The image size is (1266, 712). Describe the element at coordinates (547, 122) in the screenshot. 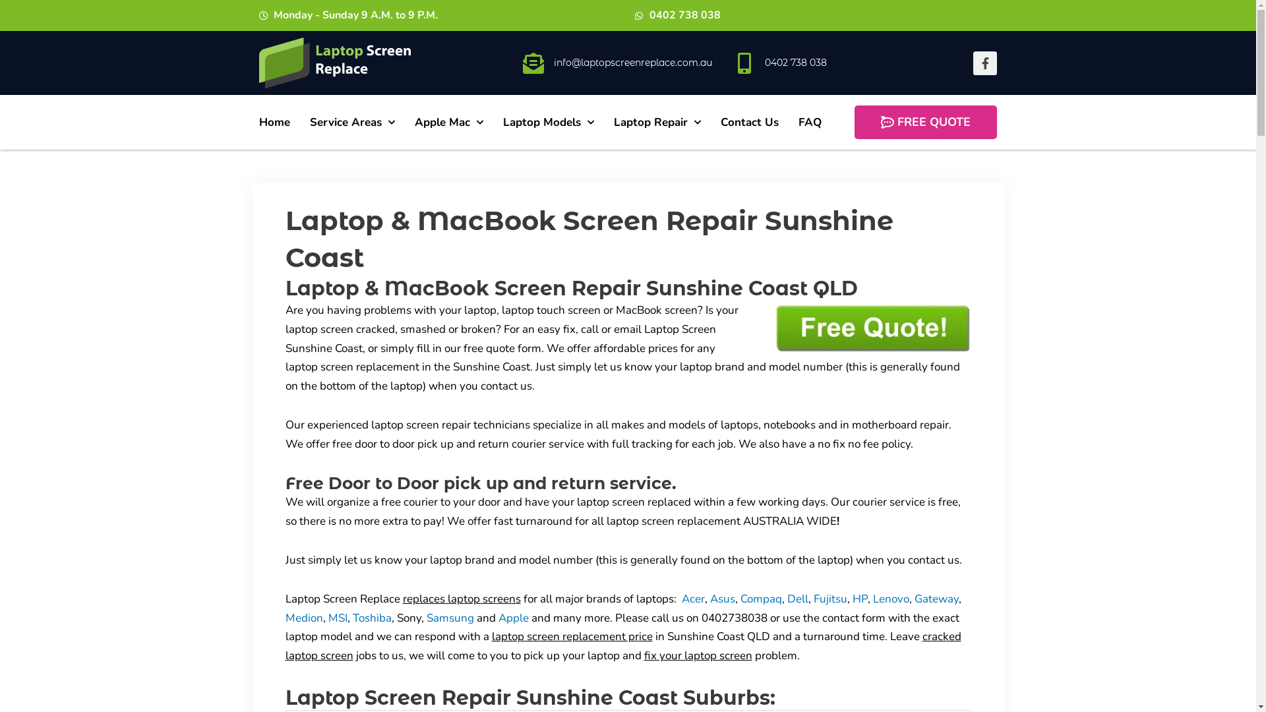

I see `'Laptop Models'` at that location.